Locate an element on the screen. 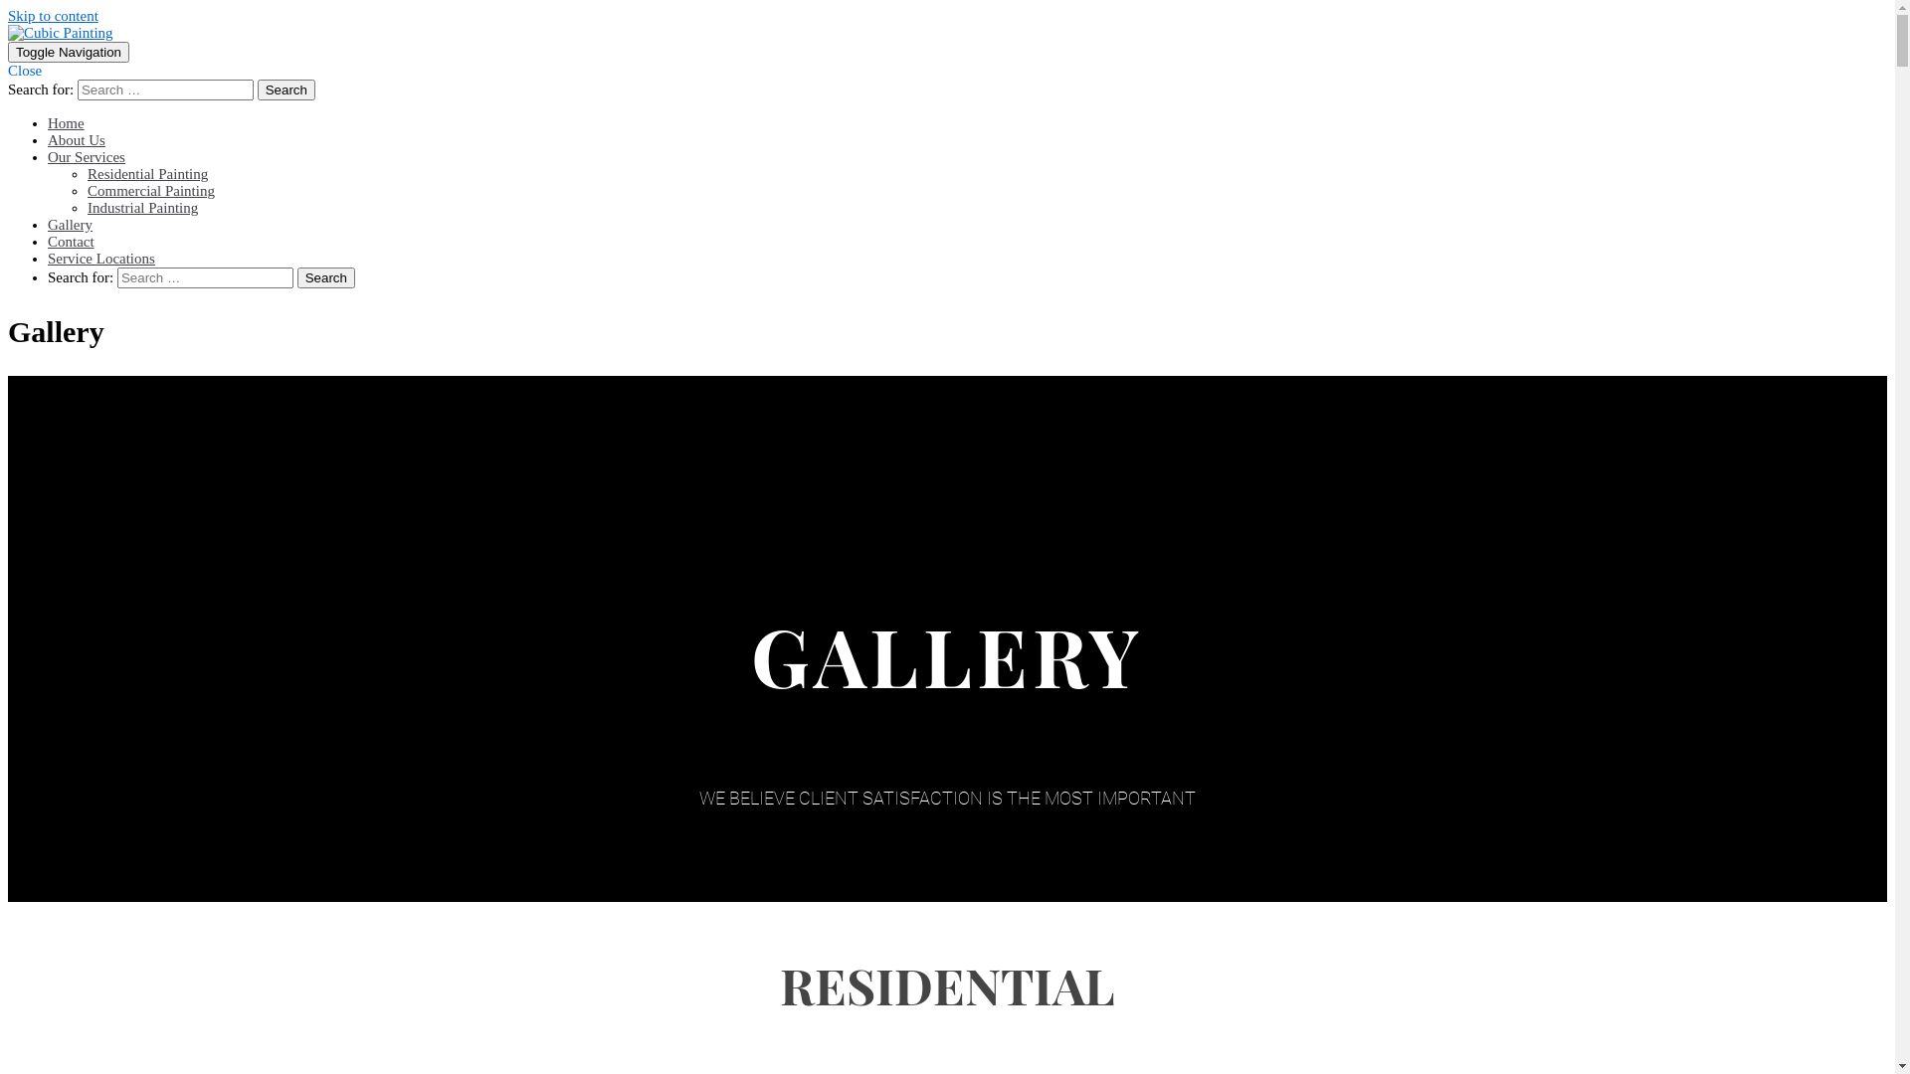 Image resolution: width=1910 pixels, height=1074 pixels. 'Our Services' is located at coordinates (618, 156).